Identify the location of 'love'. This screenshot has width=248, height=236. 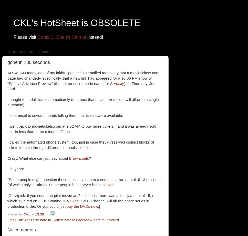
(109, 185).